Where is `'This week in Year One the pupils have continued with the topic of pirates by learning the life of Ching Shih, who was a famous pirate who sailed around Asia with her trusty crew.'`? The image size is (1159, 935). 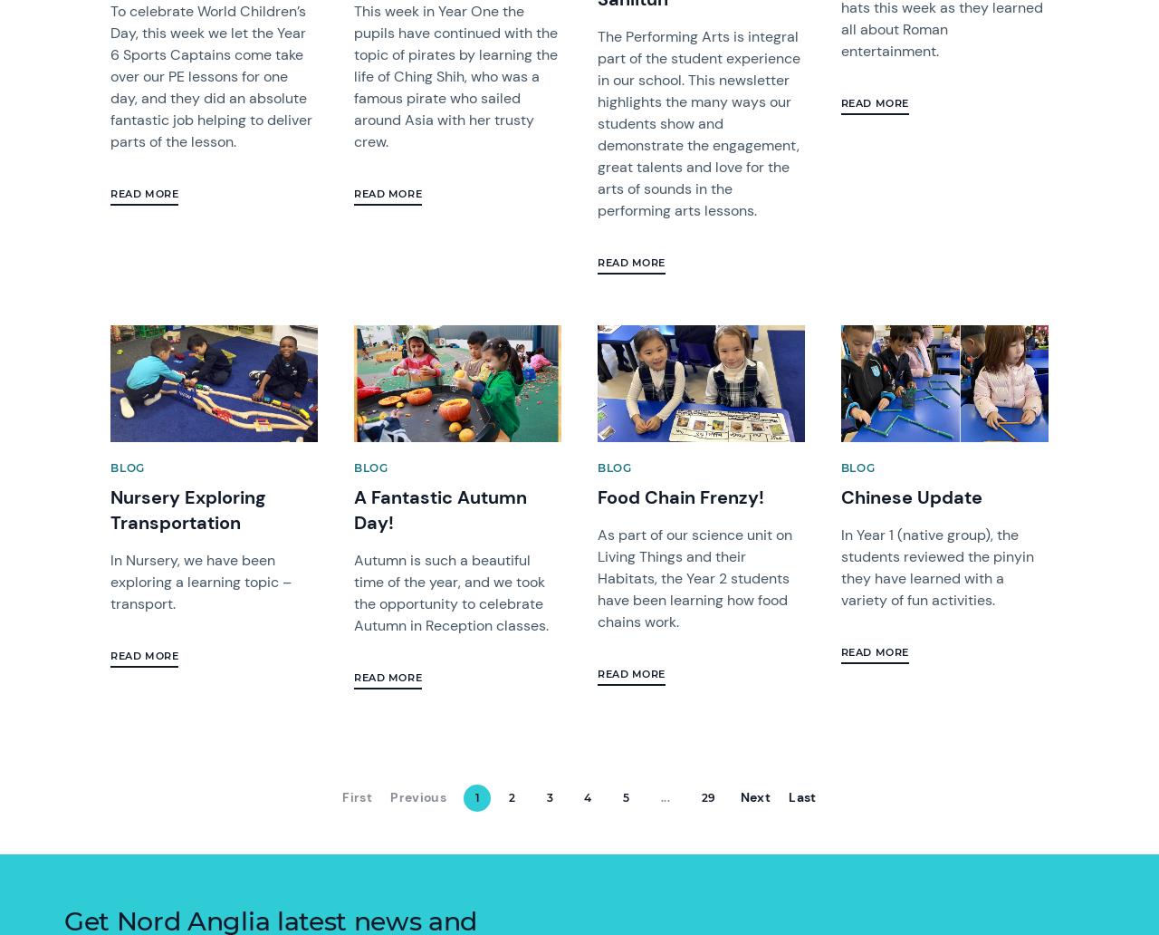
'This week in Year One the pupils have continued with the topic of pirates by learning the life of Ching Shih, who was a famous pirate who sailed around Asia with her trusty crew.' is located at coordinates (455, 76).